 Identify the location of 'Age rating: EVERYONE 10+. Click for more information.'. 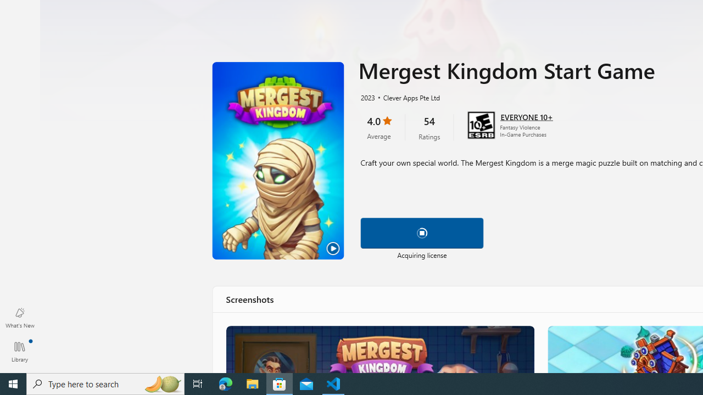
(526, 116).